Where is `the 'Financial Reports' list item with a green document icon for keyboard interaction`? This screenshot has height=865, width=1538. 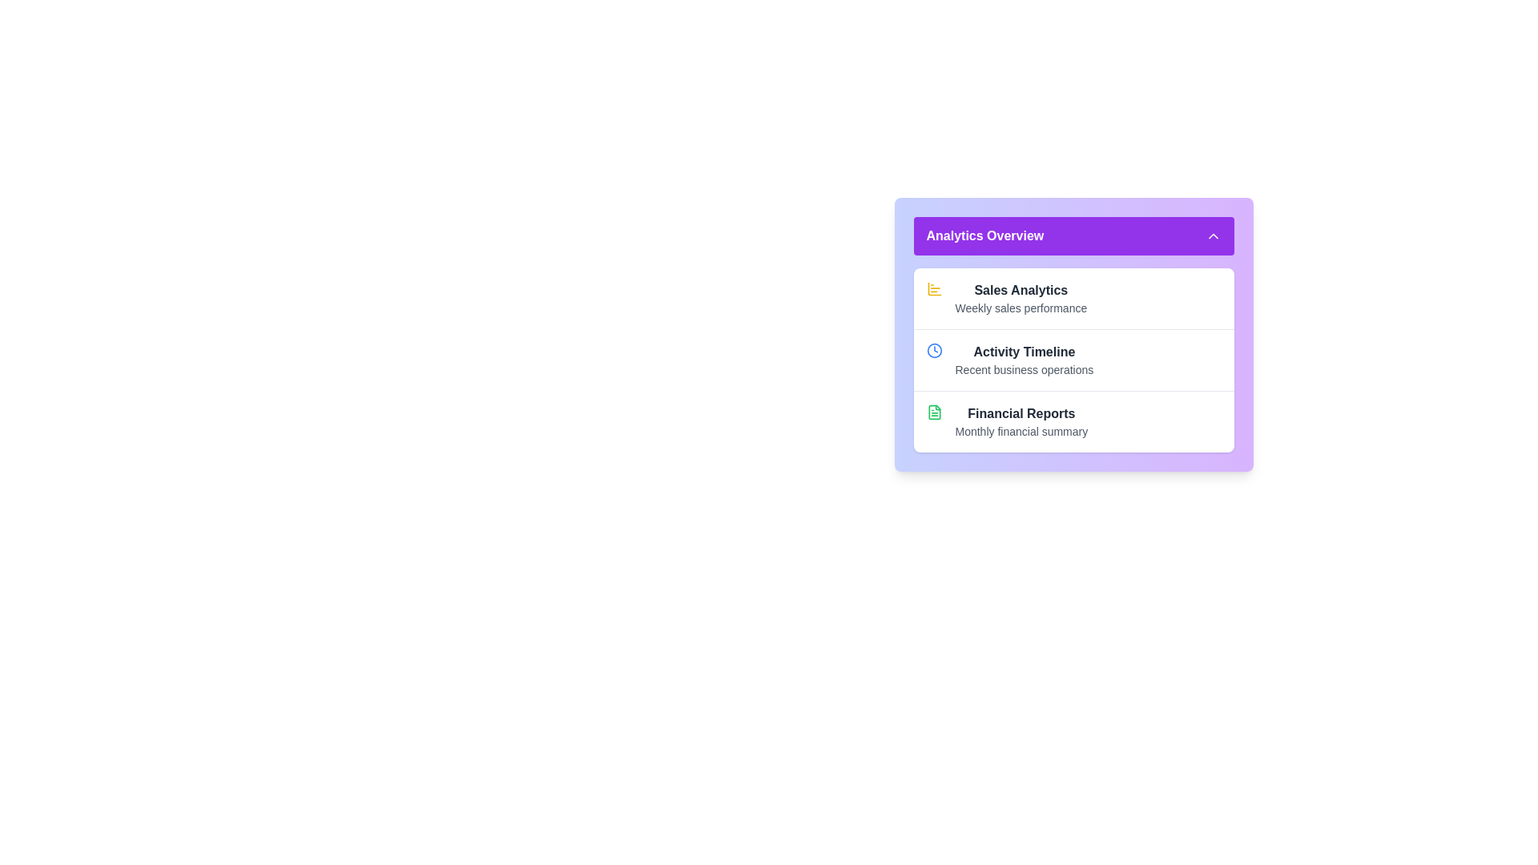
the 'Financial Reports' list item with a green document icon for keyboard interaction is located at coordinates (1073, 420).